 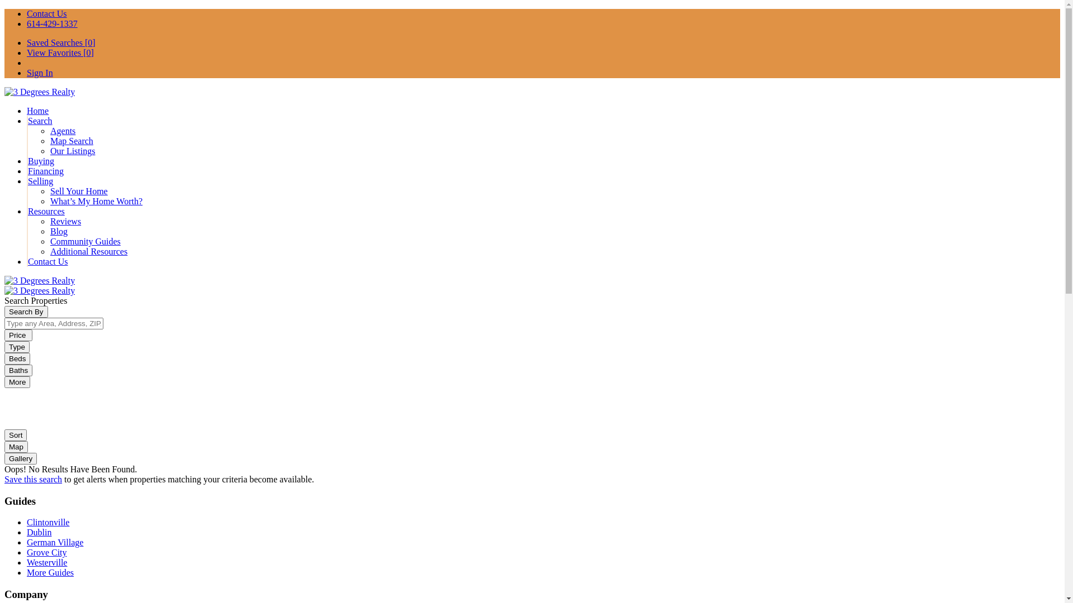 I want to click on 'Sell Your Home', so click(x=78, y=190).